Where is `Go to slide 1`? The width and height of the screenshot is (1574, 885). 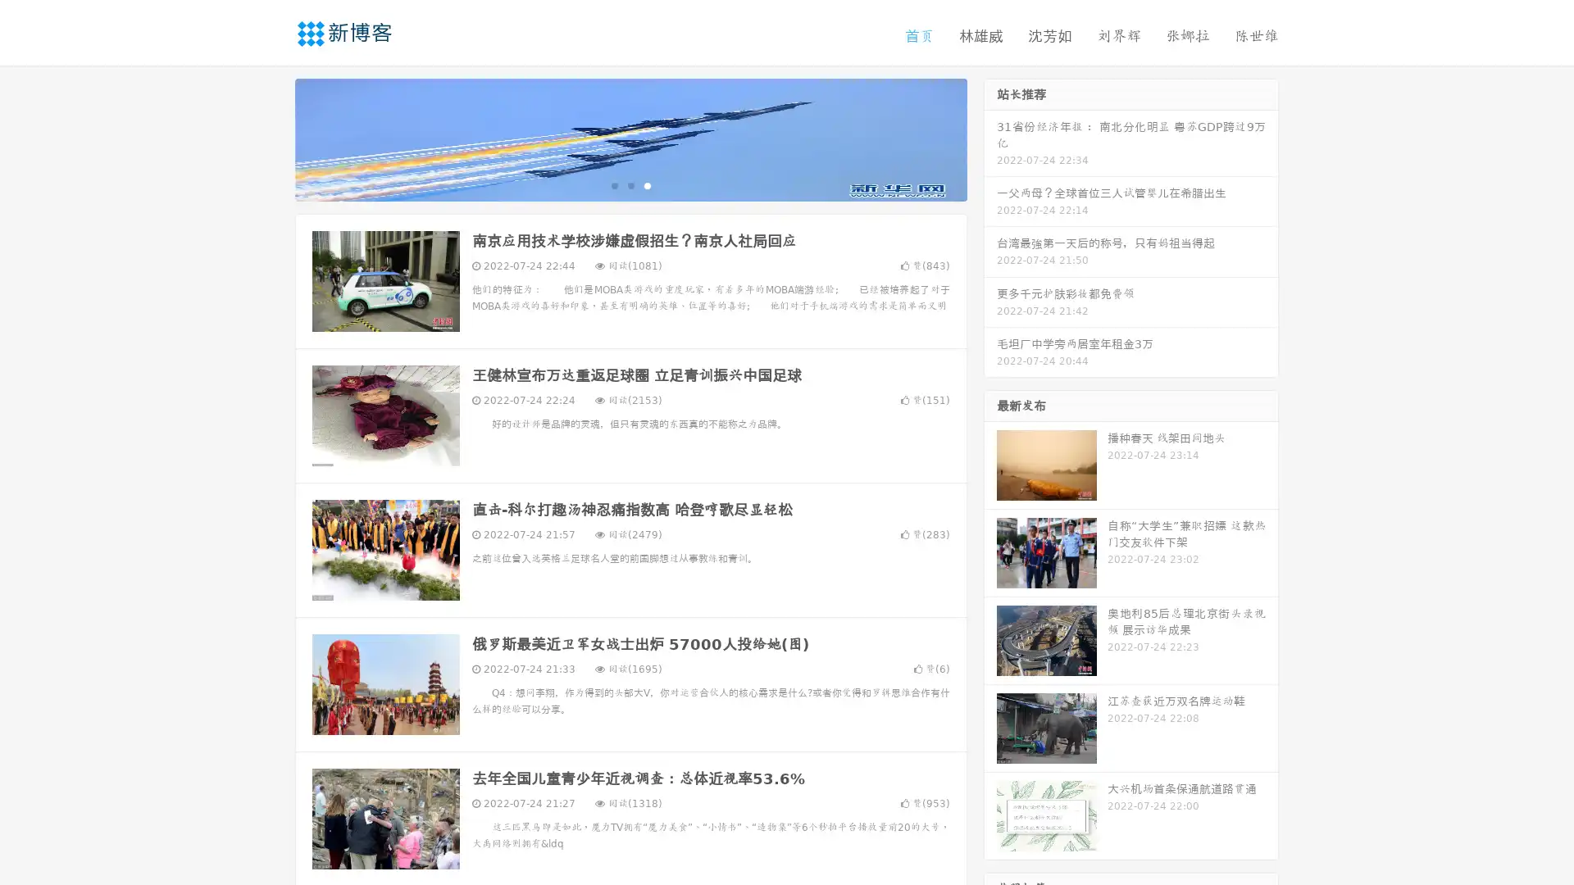
Go to slide 1 is located at coordinates (613, 184).